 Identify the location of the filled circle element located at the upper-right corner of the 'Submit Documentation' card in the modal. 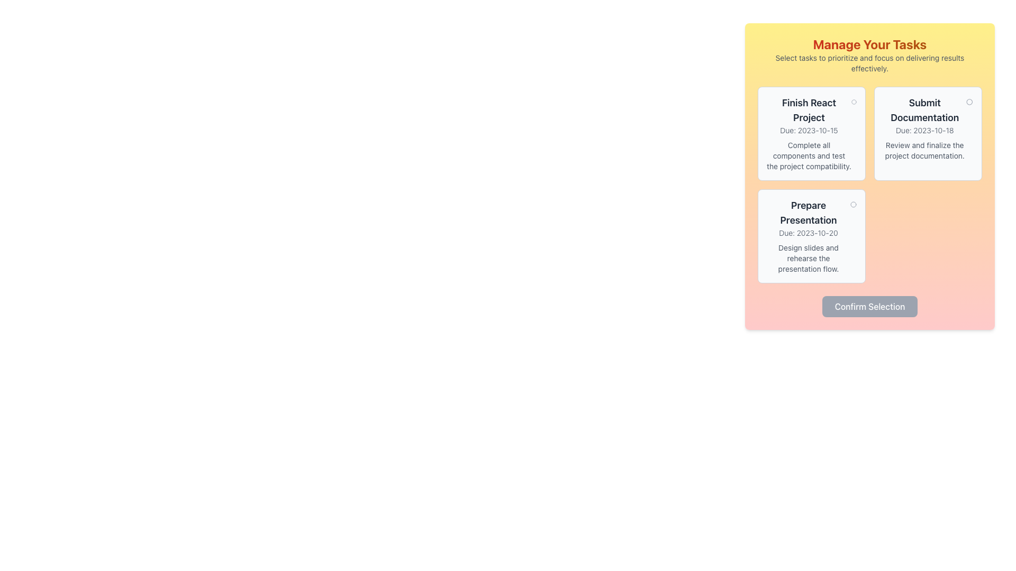
(969, 102).